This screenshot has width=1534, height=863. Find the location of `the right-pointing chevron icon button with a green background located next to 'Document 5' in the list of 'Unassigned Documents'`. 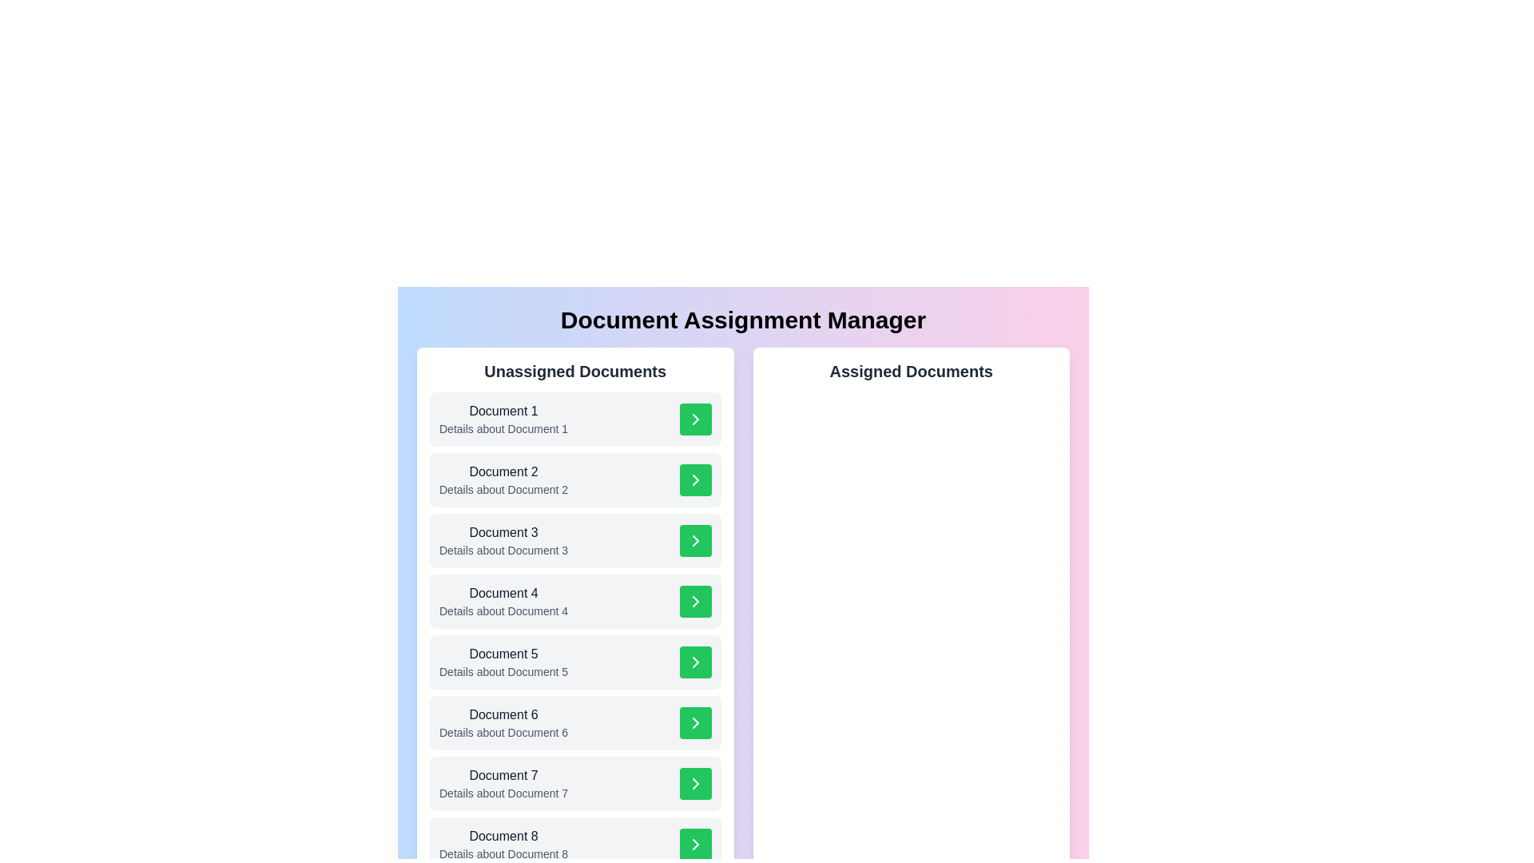

the right-pointing chevron icon button with a green background located next to 'Document 5' in the list of 'Unassigned Documents' is located at coordinates (695, 662).